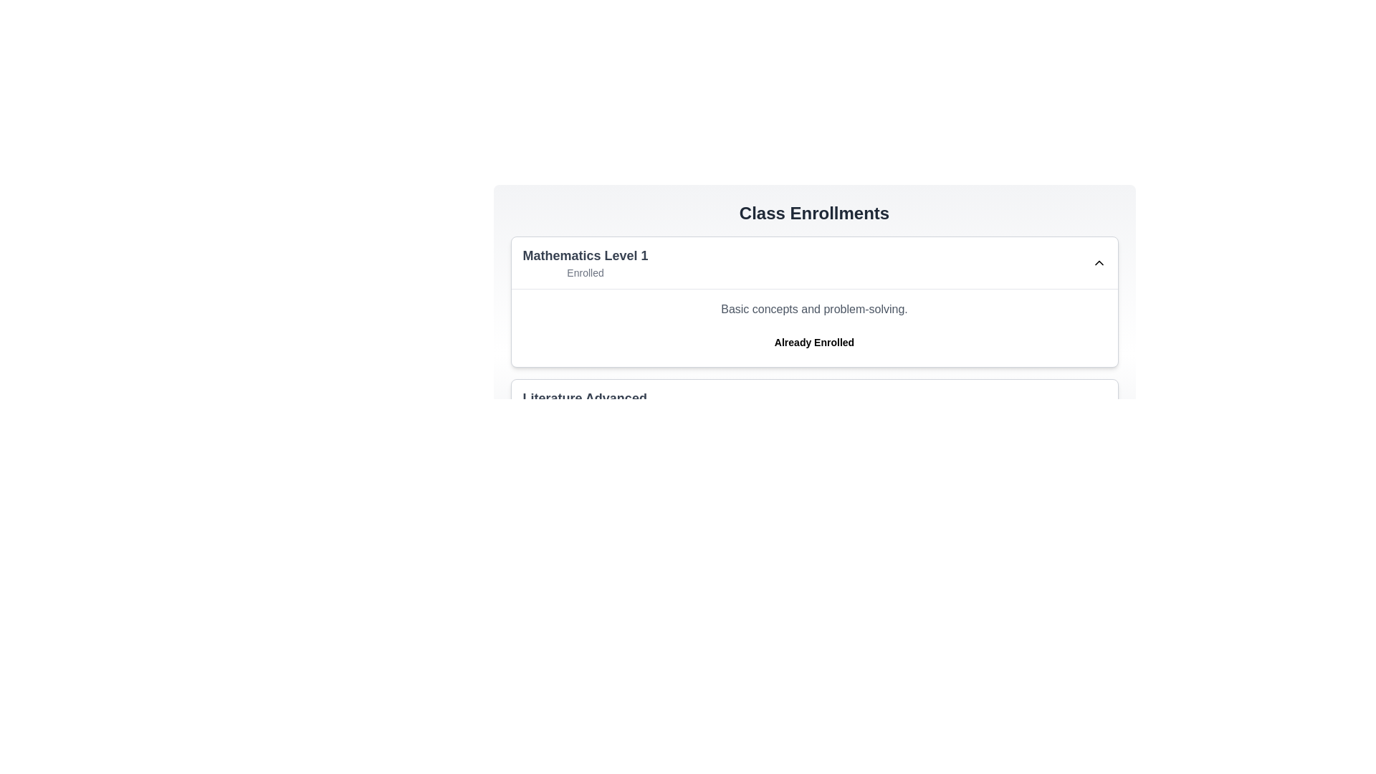  I want to click on the 'Already Enrolled' button, which is a rectangular button with bold black text on a light background, located below 'Basic concepts and problem-solving' in the 'Mathematics Level 1' enrollment card, so click(814, 343).